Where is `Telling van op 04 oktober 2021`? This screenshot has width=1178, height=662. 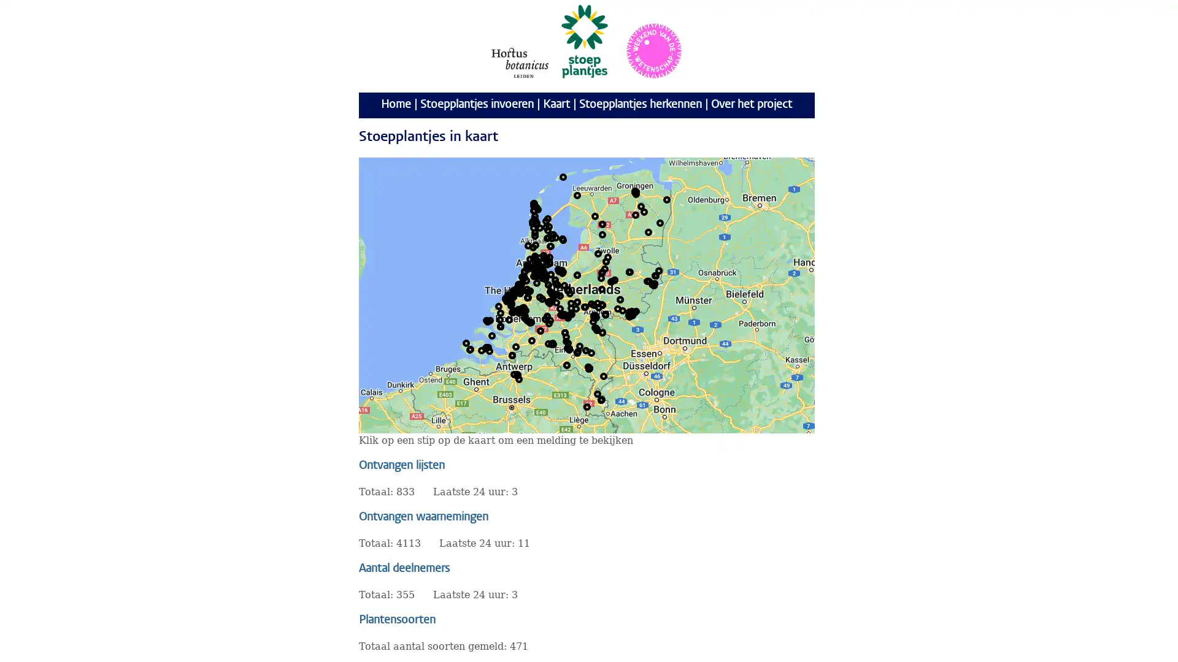 Telling van op 04 oktober 2021 is located at coordinates (654, 274).